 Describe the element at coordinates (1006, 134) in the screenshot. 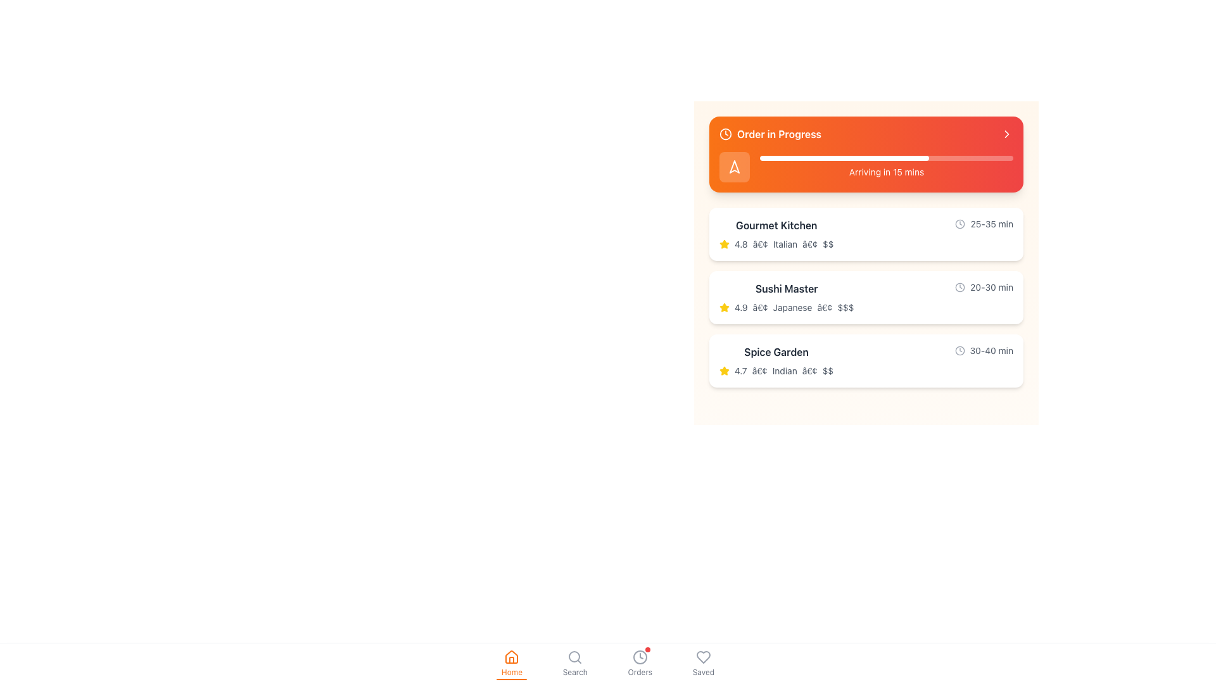

I see `the chevron-shaped arrow icon indicating navigation within the SVG graphic on the red status bar labeled 'Order in Progress'` at that location.